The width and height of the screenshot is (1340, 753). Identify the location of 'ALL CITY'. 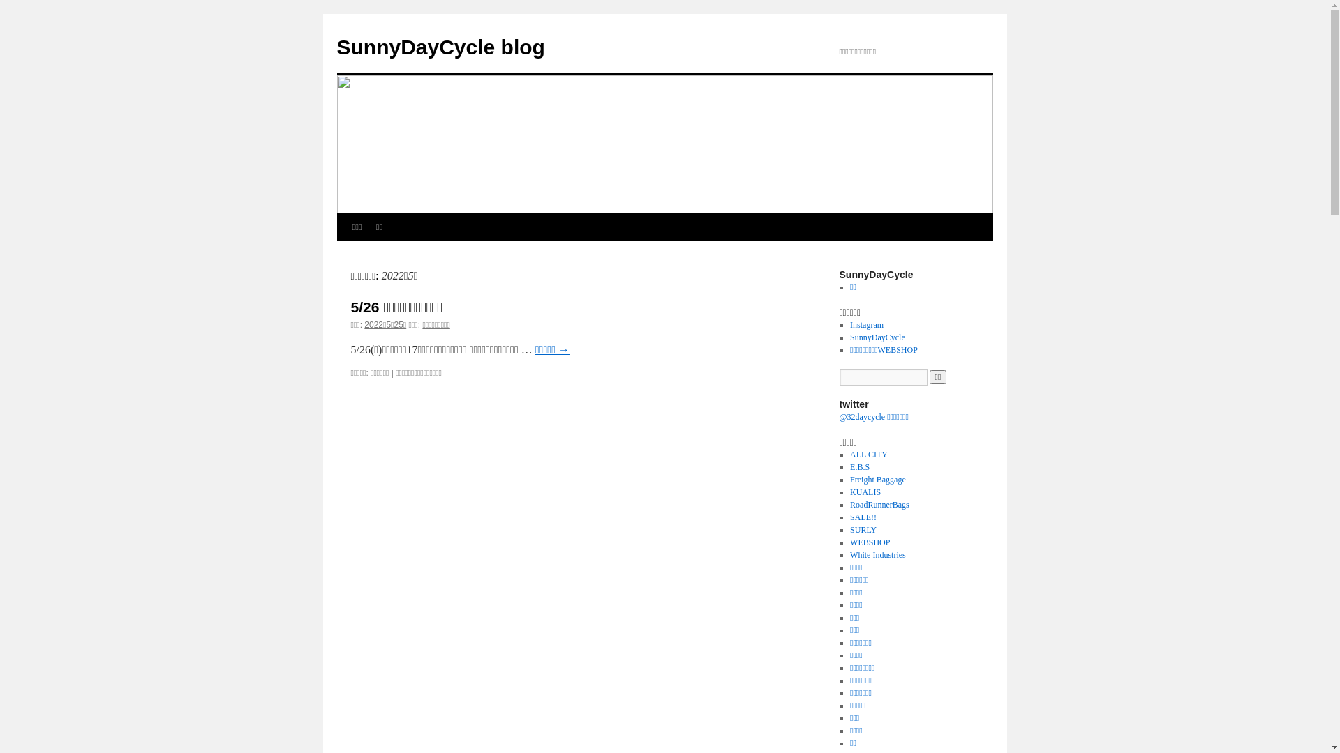
(868, 454).